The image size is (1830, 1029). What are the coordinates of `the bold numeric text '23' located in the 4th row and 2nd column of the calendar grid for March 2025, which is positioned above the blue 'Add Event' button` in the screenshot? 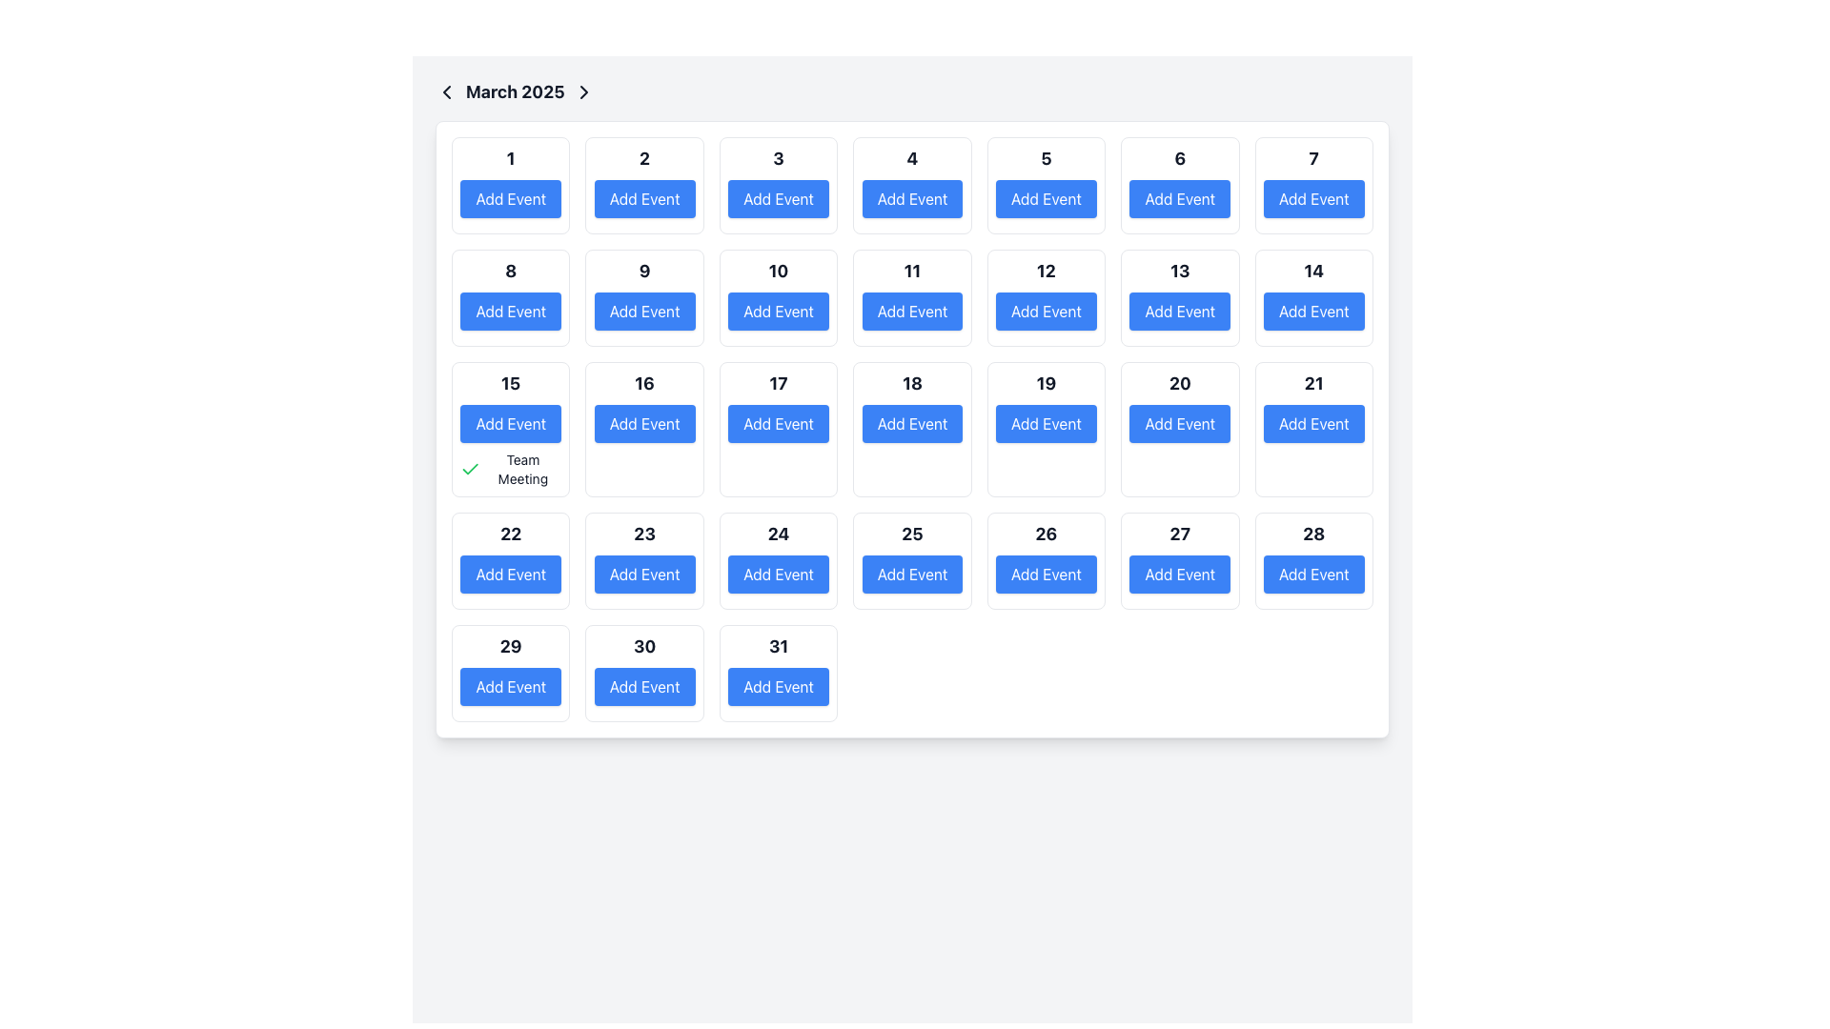 It's located at (644, 534).